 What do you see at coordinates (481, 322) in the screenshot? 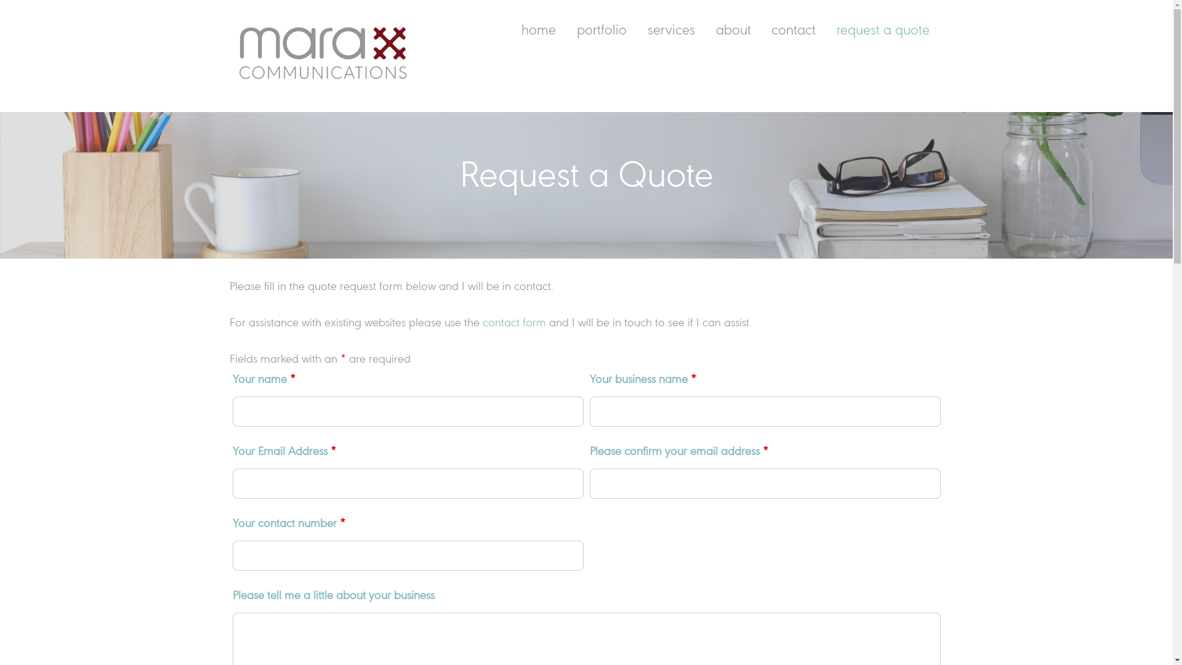
I see `'contact form'` at bounding box center [481, 322].